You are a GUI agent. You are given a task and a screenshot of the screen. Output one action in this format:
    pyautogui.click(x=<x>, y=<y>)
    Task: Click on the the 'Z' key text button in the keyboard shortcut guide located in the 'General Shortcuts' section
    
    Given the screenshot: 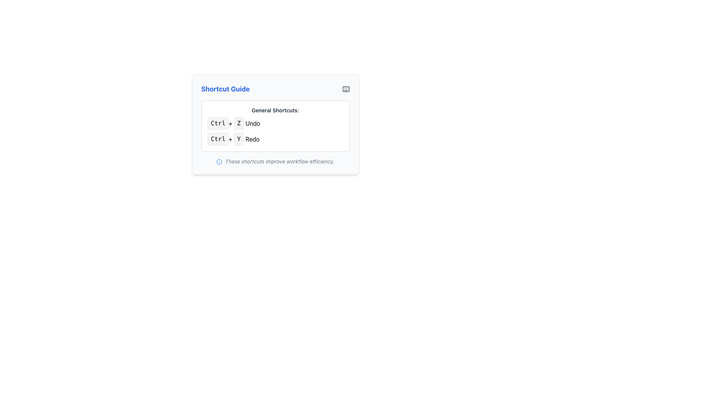 What is the action you would take?
    pyautogui.click(x=239, y=123)
    